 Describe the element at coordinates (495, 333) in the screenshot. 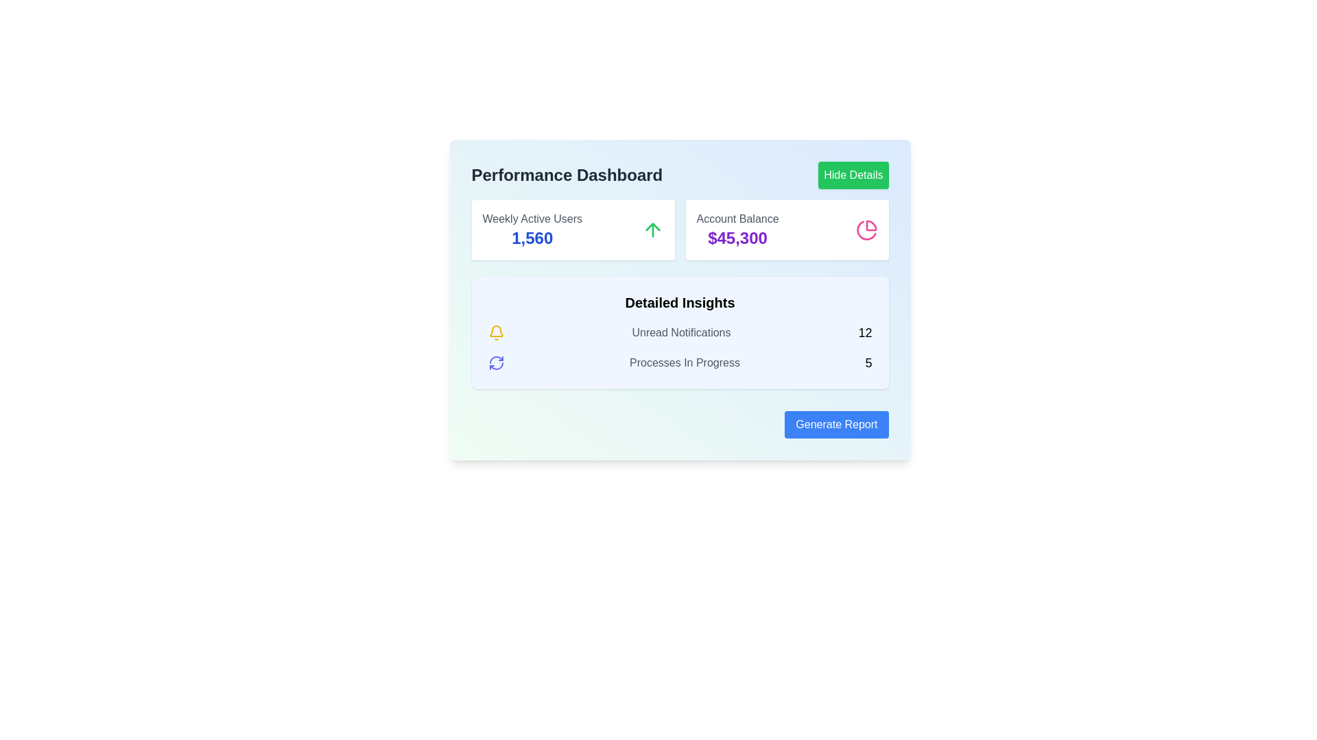

I see `the yellow bell icon representing notifications, located next to the text 'Unread Notifications' and to the left of the number '12'` at that location.